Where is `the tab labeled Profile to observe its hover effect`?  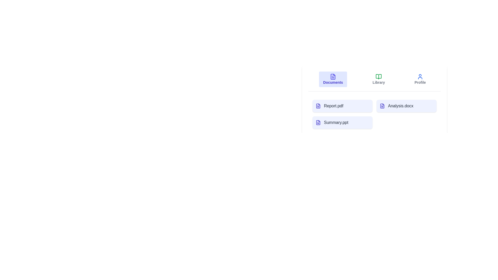 the tab labeled Profile to observe its hover effect is located at coordinates (420, 79).